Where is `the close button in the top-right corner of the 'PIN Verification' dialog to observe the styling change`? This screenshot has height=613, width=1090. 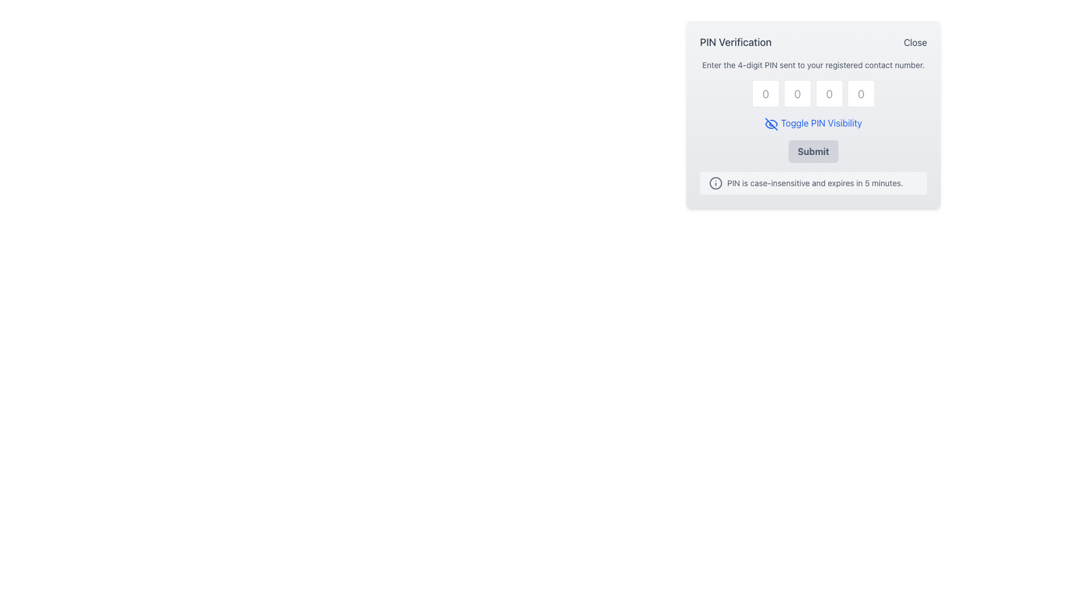 the close button in the top-right corner of the 'PIN Verification' dialog to observe the styling change is located at coordinates (915, 41).